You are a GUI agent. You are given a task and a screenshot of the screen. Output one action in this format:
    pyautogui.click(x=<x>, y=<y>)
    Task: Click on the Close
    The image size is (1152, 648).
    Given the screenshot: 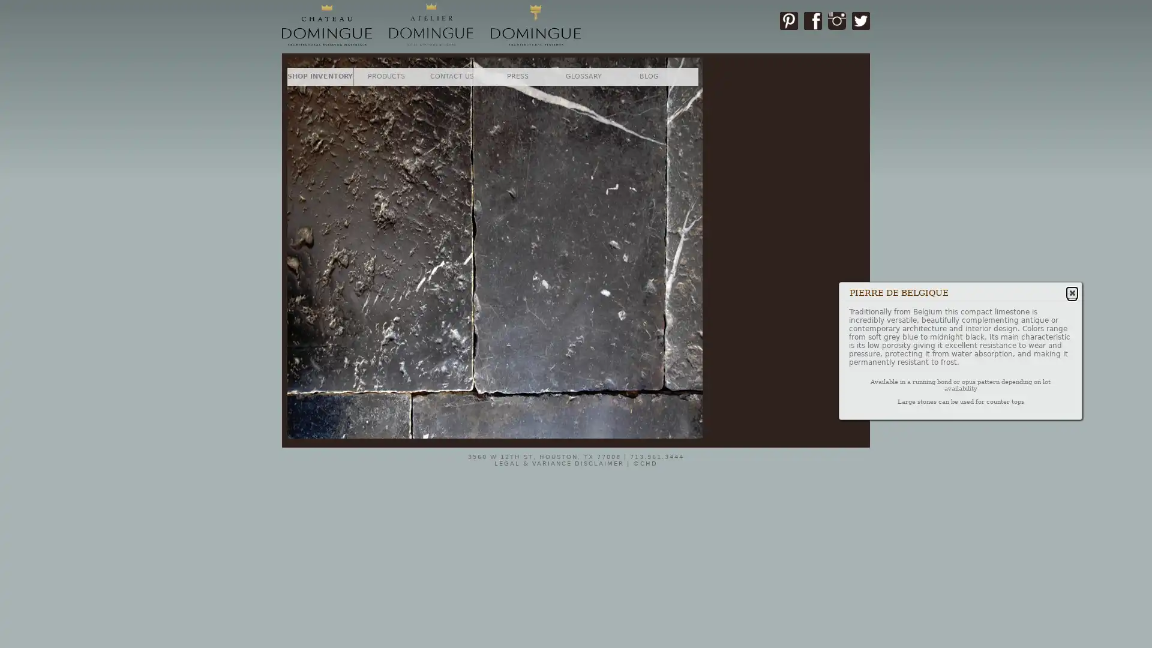 What is the action you would take?
    pyautogui.click(x=1071, y=292)
    